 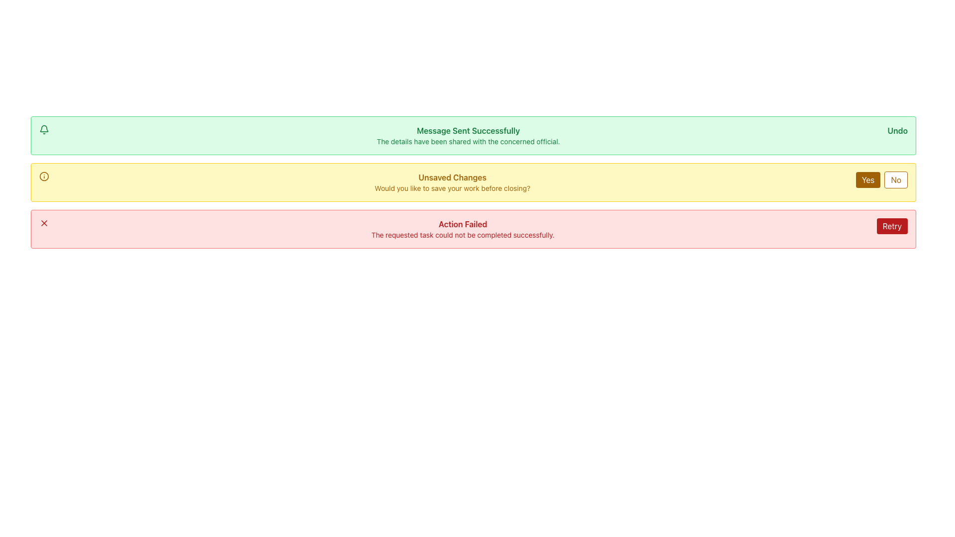 I want to click on the undo button located in the top-right corner of the green notification section labeled 'Message Sent Successfully', so click(x=897, y=130).